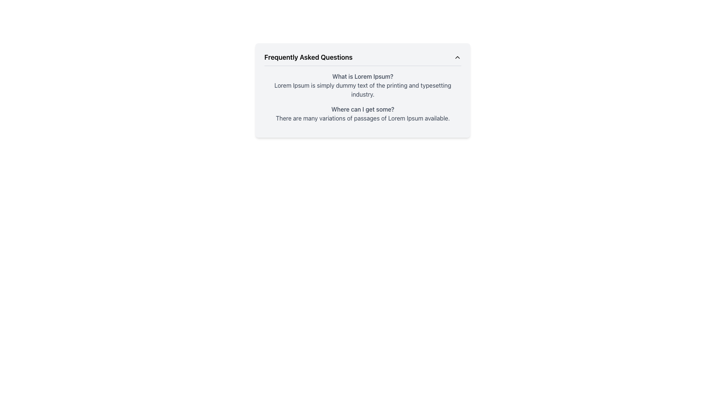 This screenshot has height=403, width=716. What do you see at coordinates (363, 76) in the screenshot?
I see `the text label that reads 'What is Lorem Ipsum?', which serves as the heading in the collapsible FAQ section` at bounding box center [363, 76].